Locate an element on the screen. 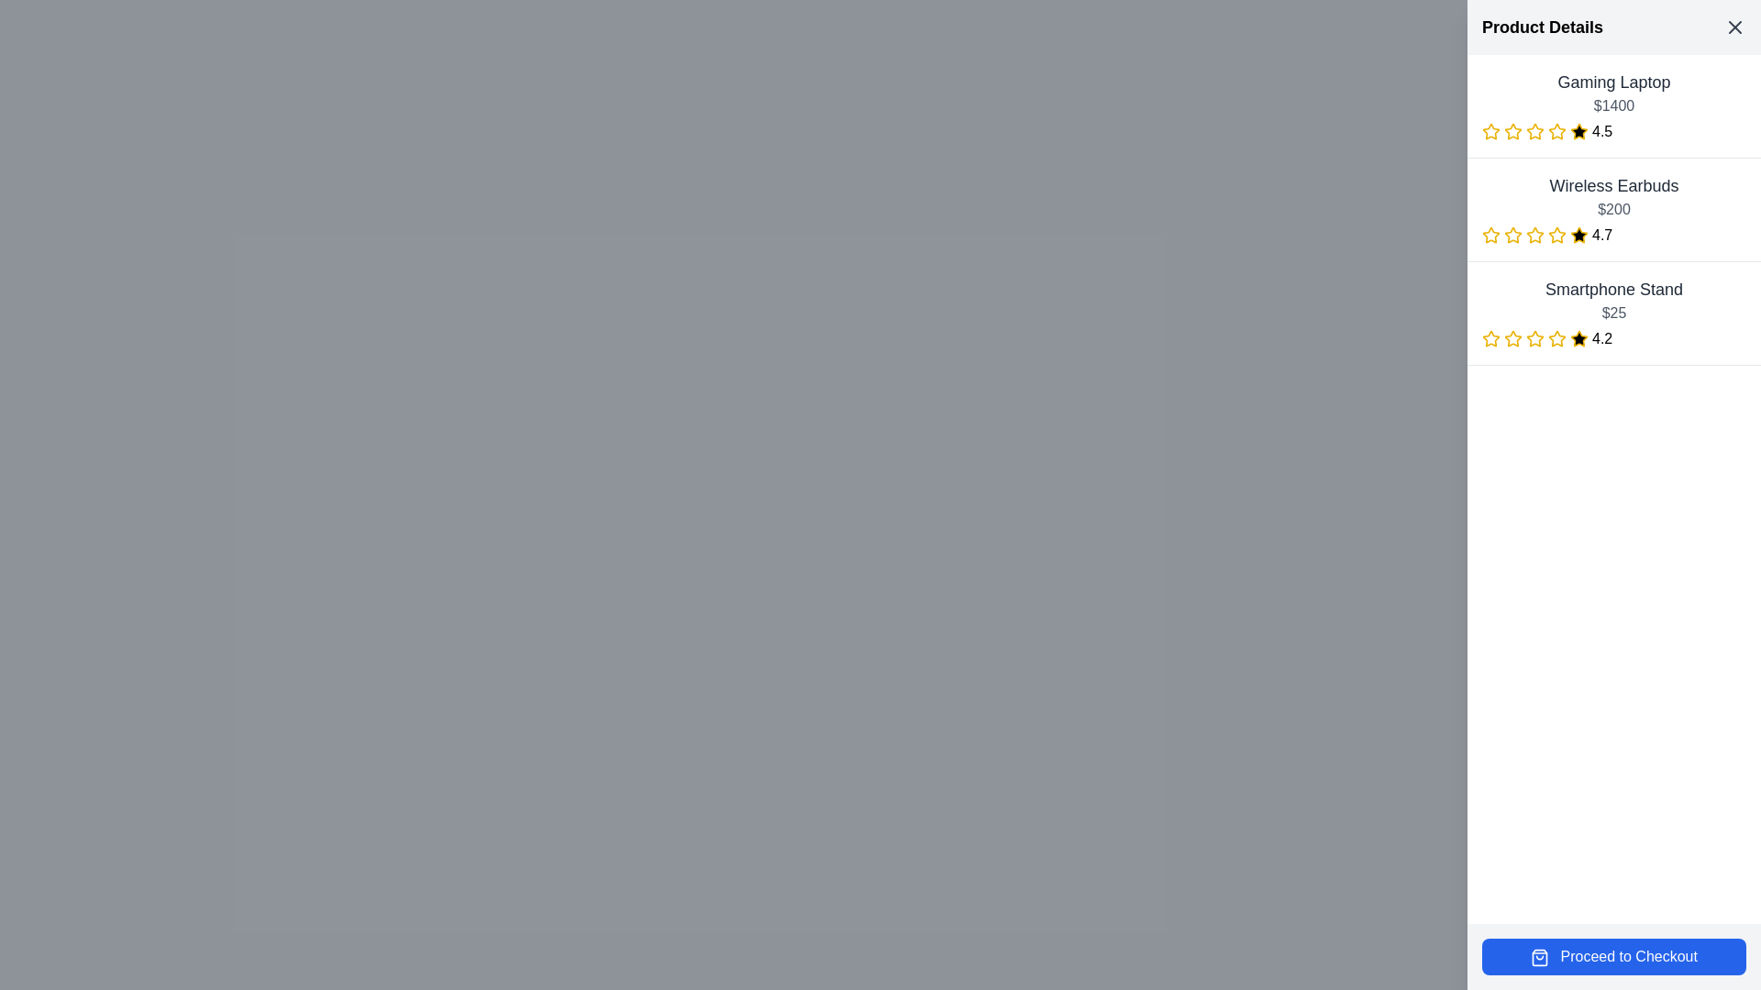  the close button (X symbol) located in the upper-right corner of the sidebar titled 'Product Details' is located at coordinates (1733, 27).